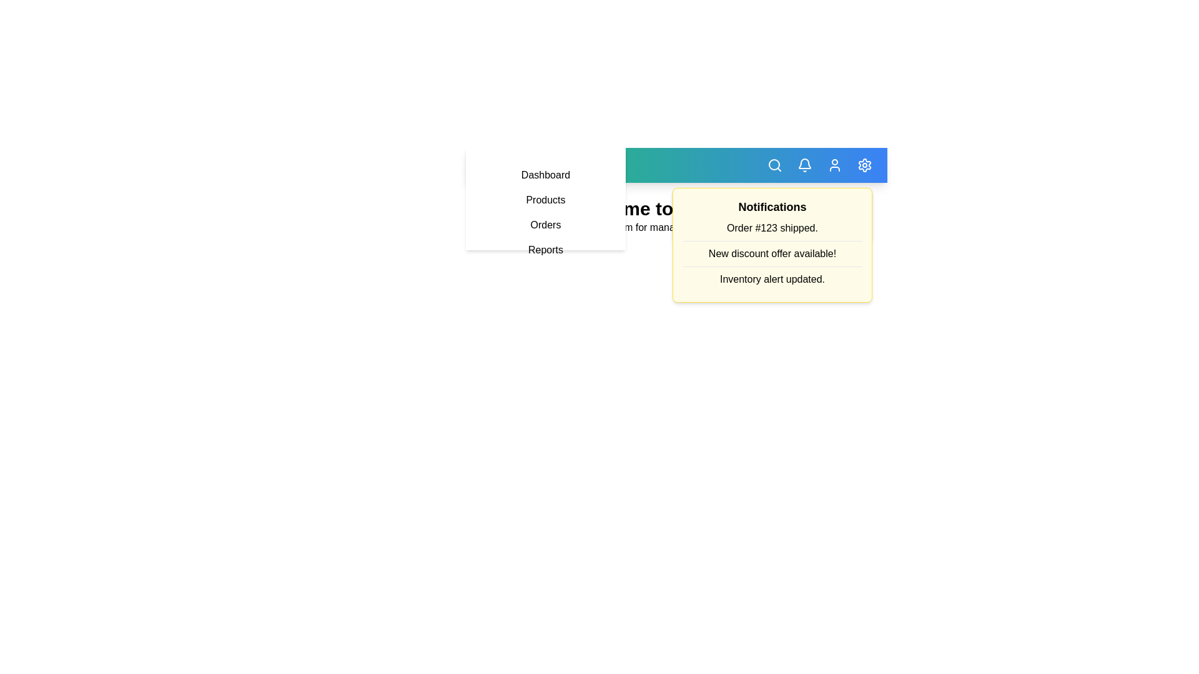 Image resolution: width=1199 pixels, height=674 pixels. Describe the element at coordinates (772, 228) in the screenshot. I see `the notification text displaying 'Order #123' in the dropdown panel under the 'Notifications' heading` at that location.